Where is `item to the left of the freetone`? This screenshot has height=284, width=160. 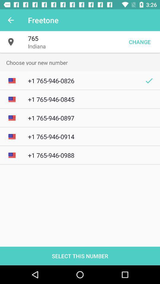
item to the left of the freetone is located at coordinates (11, 20).